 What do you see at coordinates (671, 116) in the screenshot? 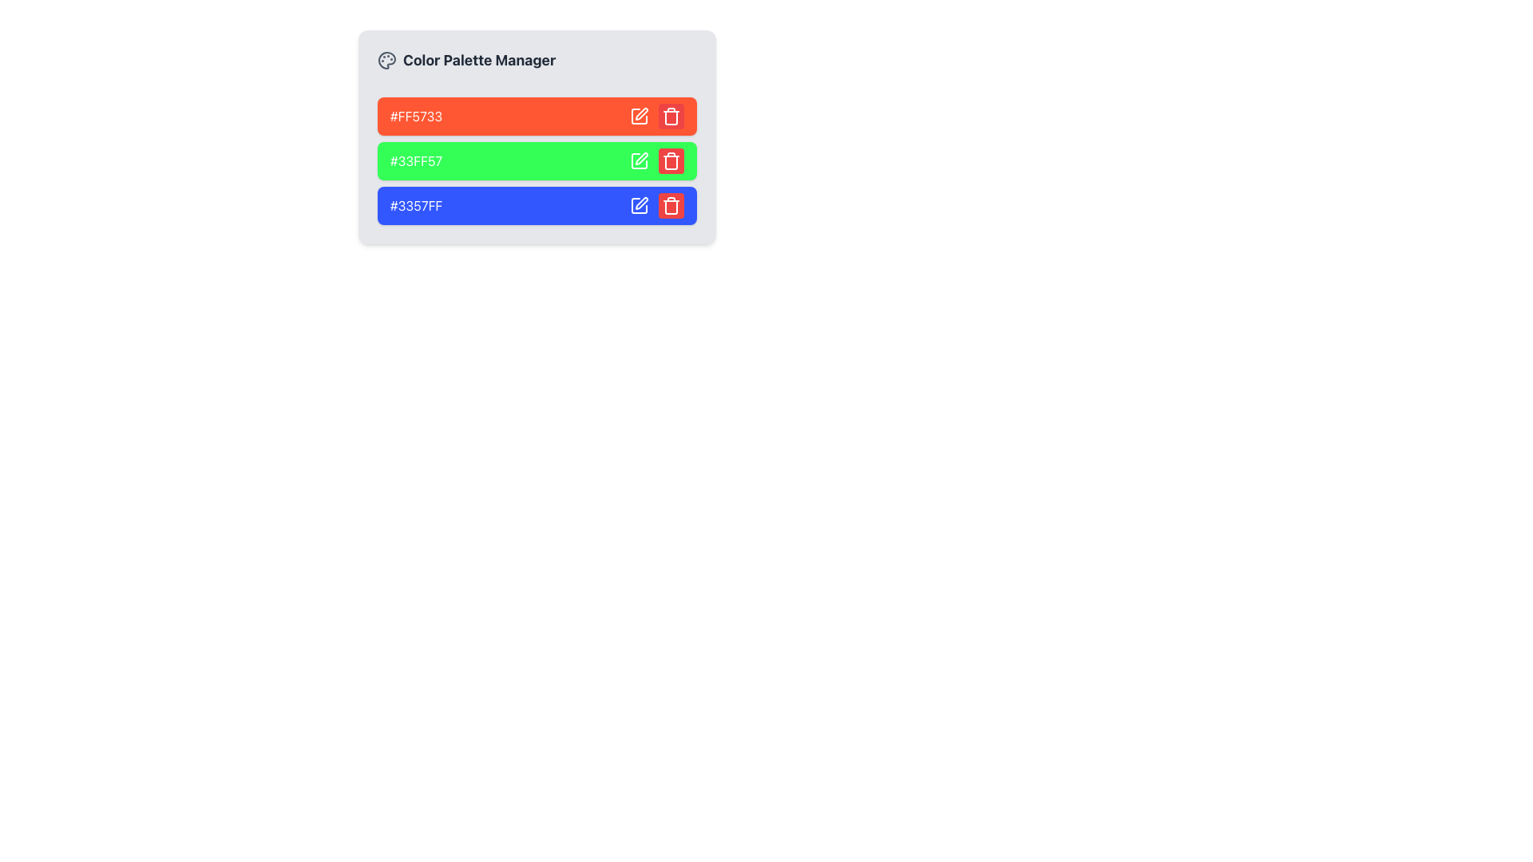
I see `the trash can icon button, which is outlined with rounded corners and displayed in white against a vivid red background` at bounding box center [671, 116].